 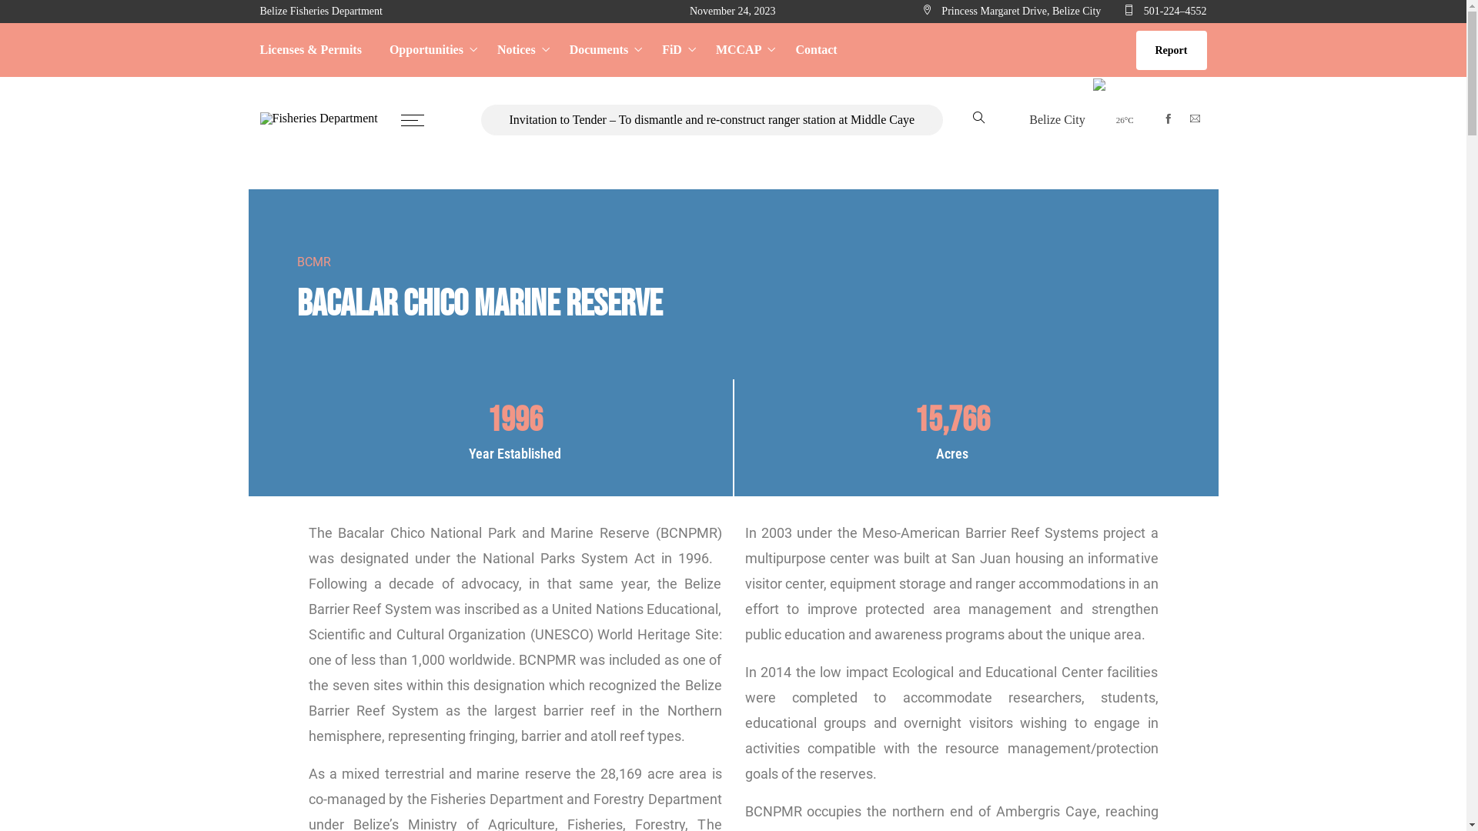 What do you see at coordinates (1170, 49) in the screenshot?
I see `'Report'` at bounding box center [1170, 49].